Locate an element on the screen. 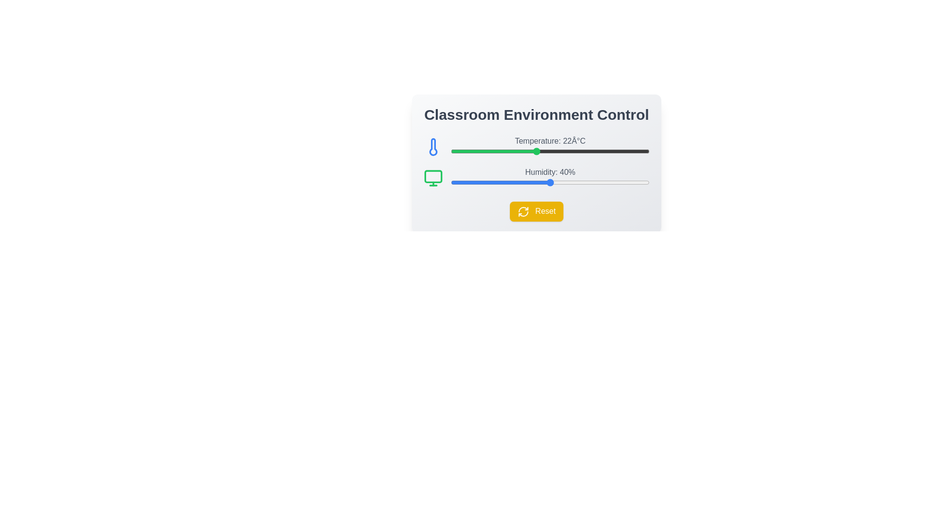  the humidity slider to set it to 57% is located at coordinates (635, 182).